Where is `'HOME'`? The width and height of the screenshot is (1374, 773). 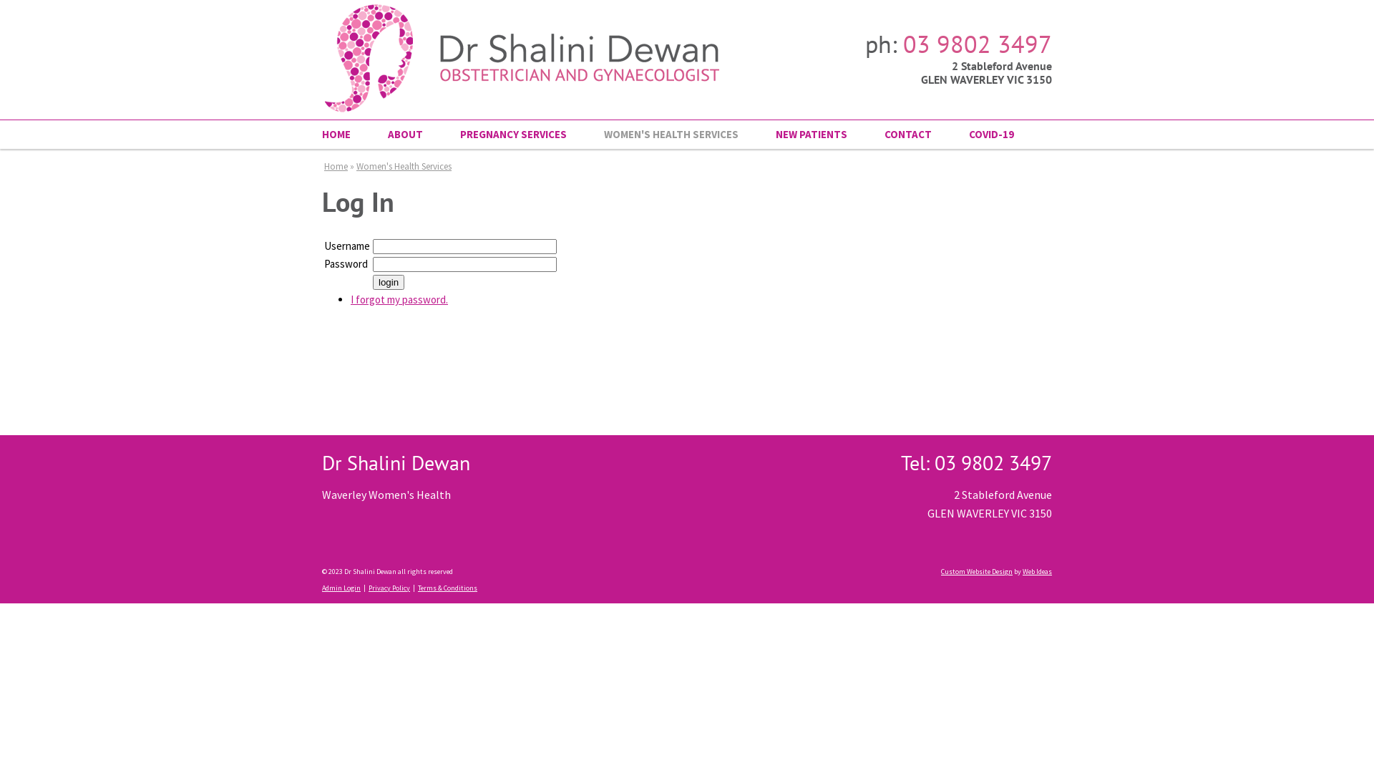 'HOME' is located at coordinates (346, 135).